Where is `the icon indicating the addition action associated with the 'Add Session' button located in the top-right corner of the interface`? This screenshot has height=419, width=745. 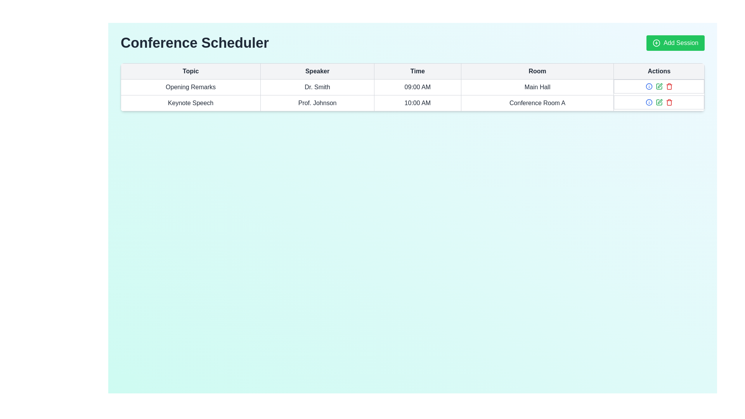
the icon indicating the addition action associated with the 'Add Session' button located in the top-right corner of the interface is located at coordinates (656, 43).